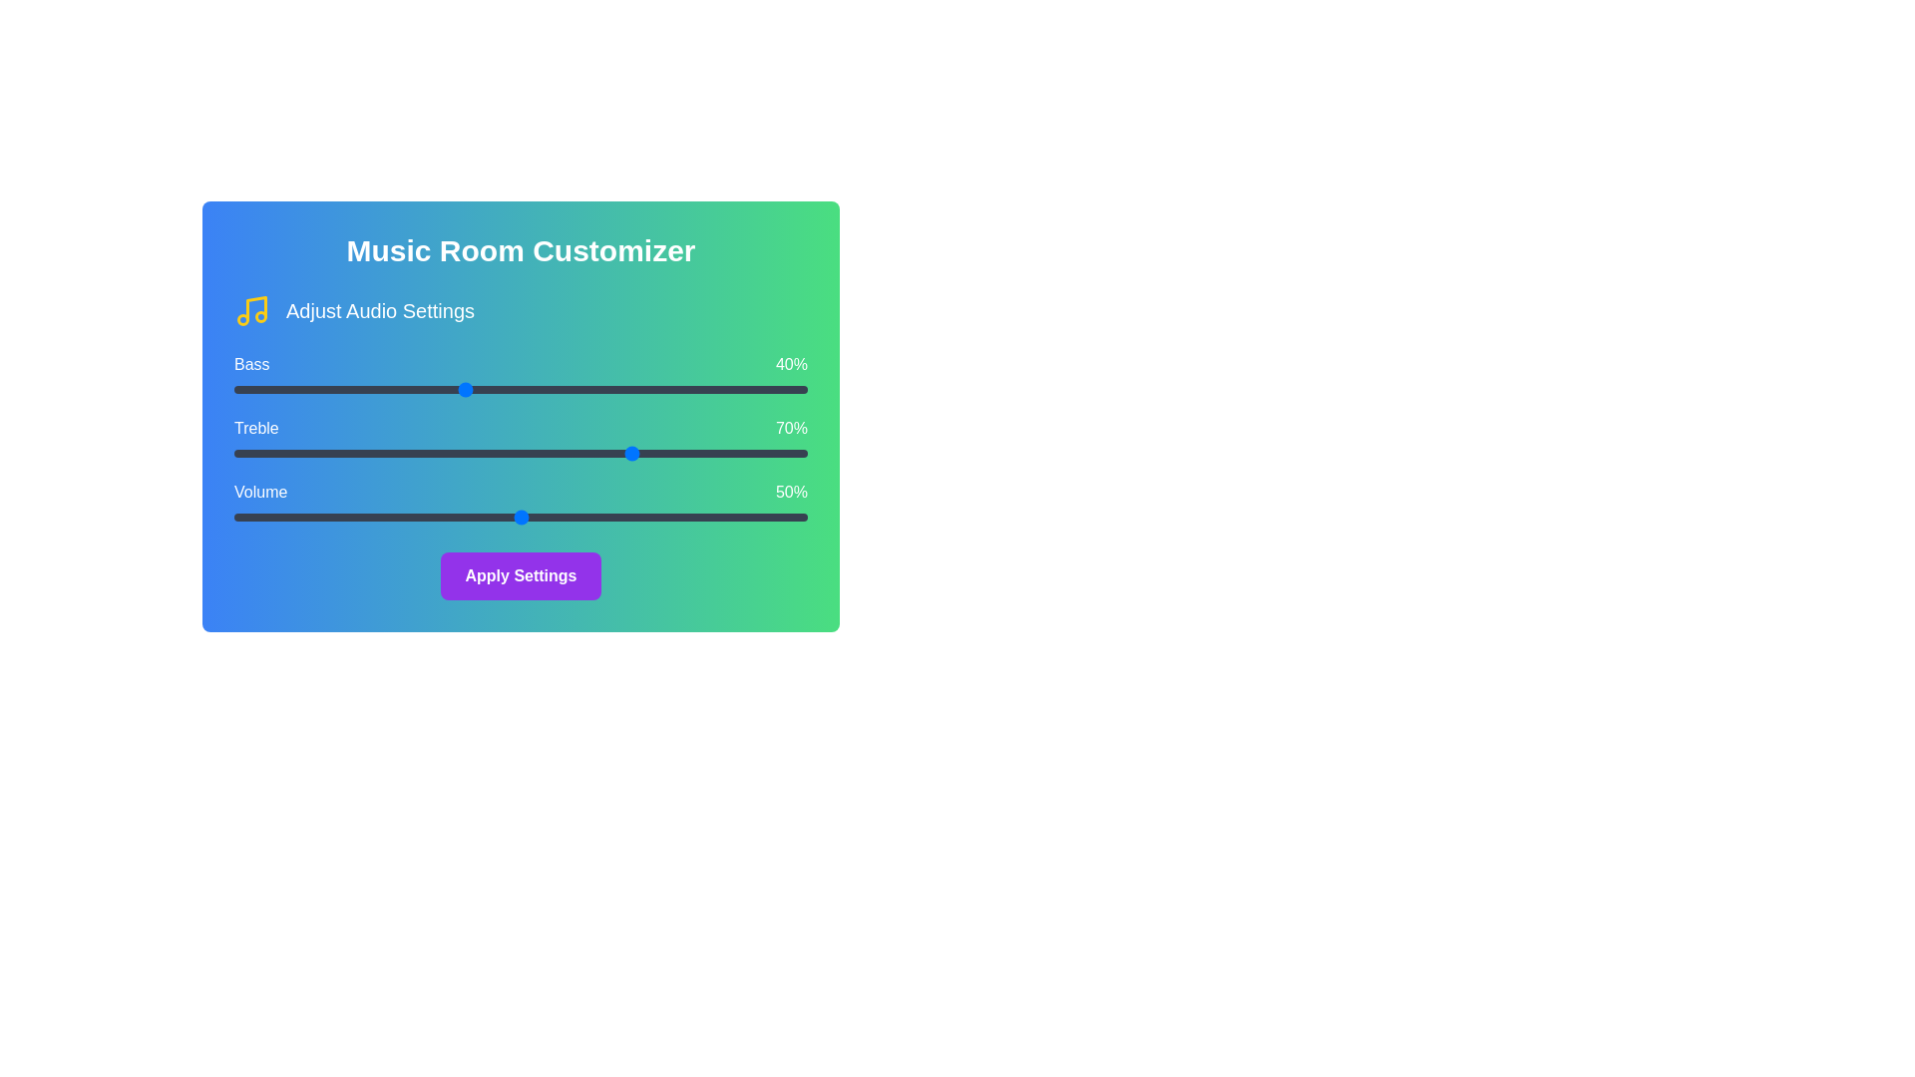 This screenshot has height=1077, width=1915. Describe the element at coordinates (521, 576) in the screenshot. I see `the 'Apply Settings' button to observe its hover effect` at that location.